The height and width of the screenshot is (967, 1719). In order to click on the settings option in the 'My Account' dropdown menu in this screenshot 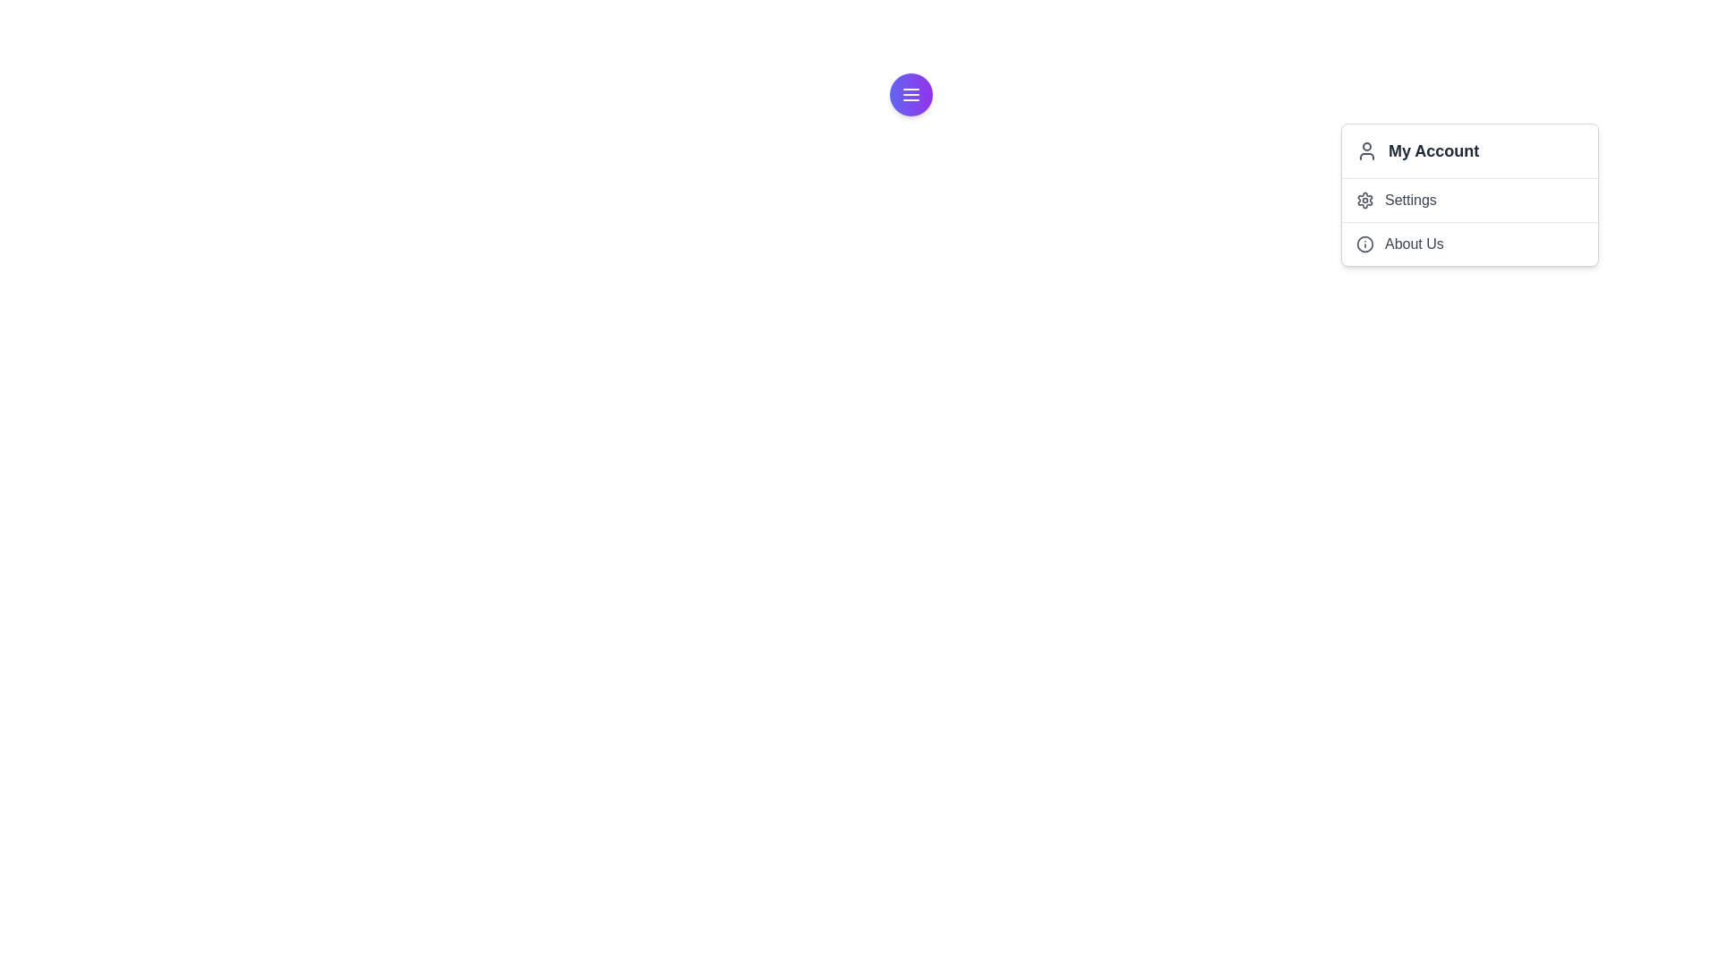, I will do `click(1469, 200)`.